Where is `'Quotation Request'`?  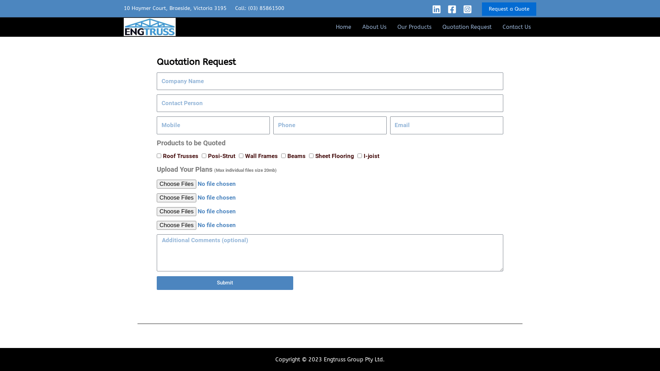
'Quotation Request' is located at coordinates (467, 26).